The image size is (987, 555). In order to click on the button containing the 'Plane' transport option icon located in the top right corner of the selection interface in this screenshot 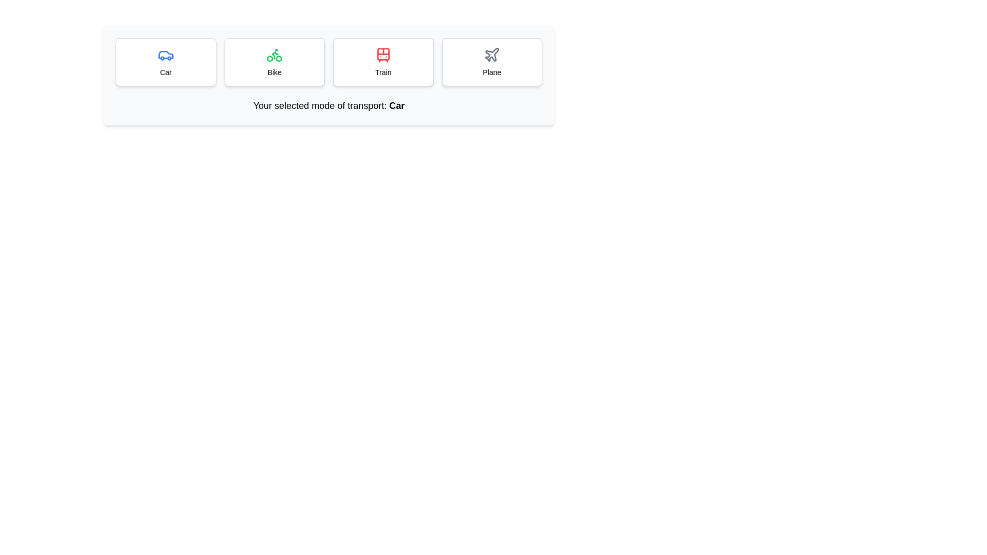, I will do `click(491, 54)`.